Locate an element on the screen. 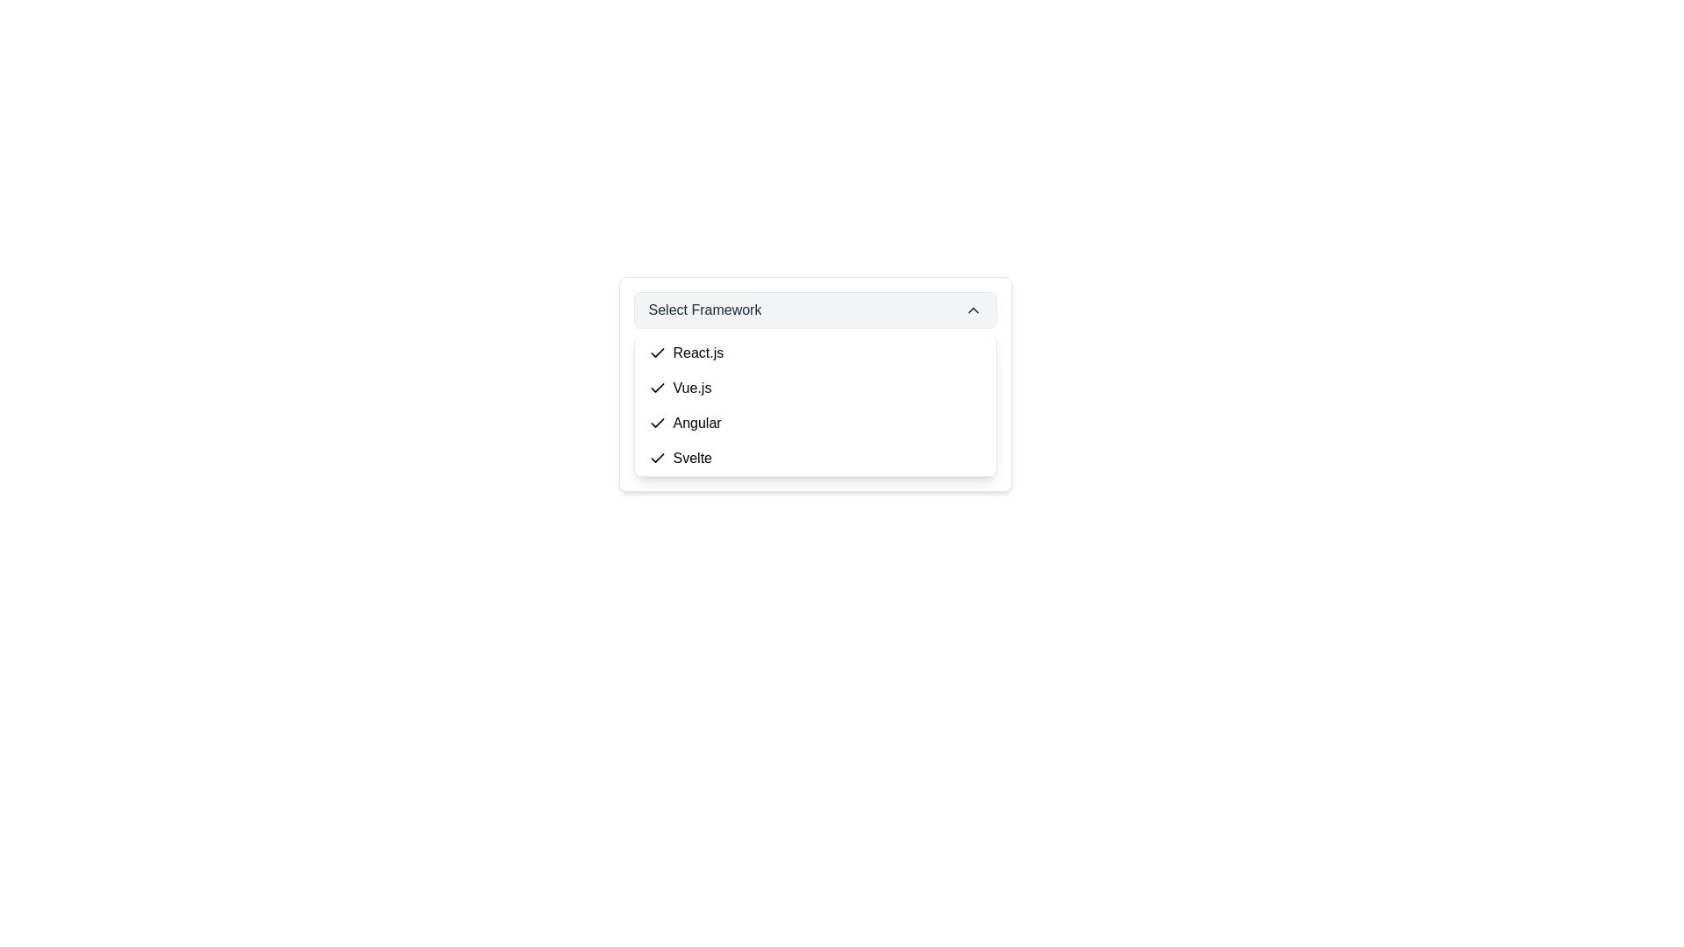  to select the 'Vue.js' option, which is the second item in the dropdown menu, styled with a hollow checkmark icon to the left of the text is located at coordinates (679, 388).